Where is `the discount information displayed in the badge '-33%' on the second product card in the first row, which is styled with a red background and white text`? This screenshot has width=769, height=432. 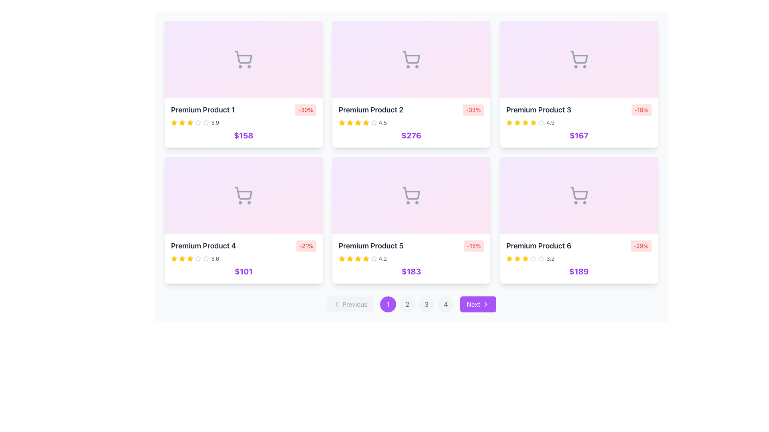 the discount information displayed in the badge '-33%' on the second product card in the first row, which is styled with a red background and white text is located at coordinates (411, 110).